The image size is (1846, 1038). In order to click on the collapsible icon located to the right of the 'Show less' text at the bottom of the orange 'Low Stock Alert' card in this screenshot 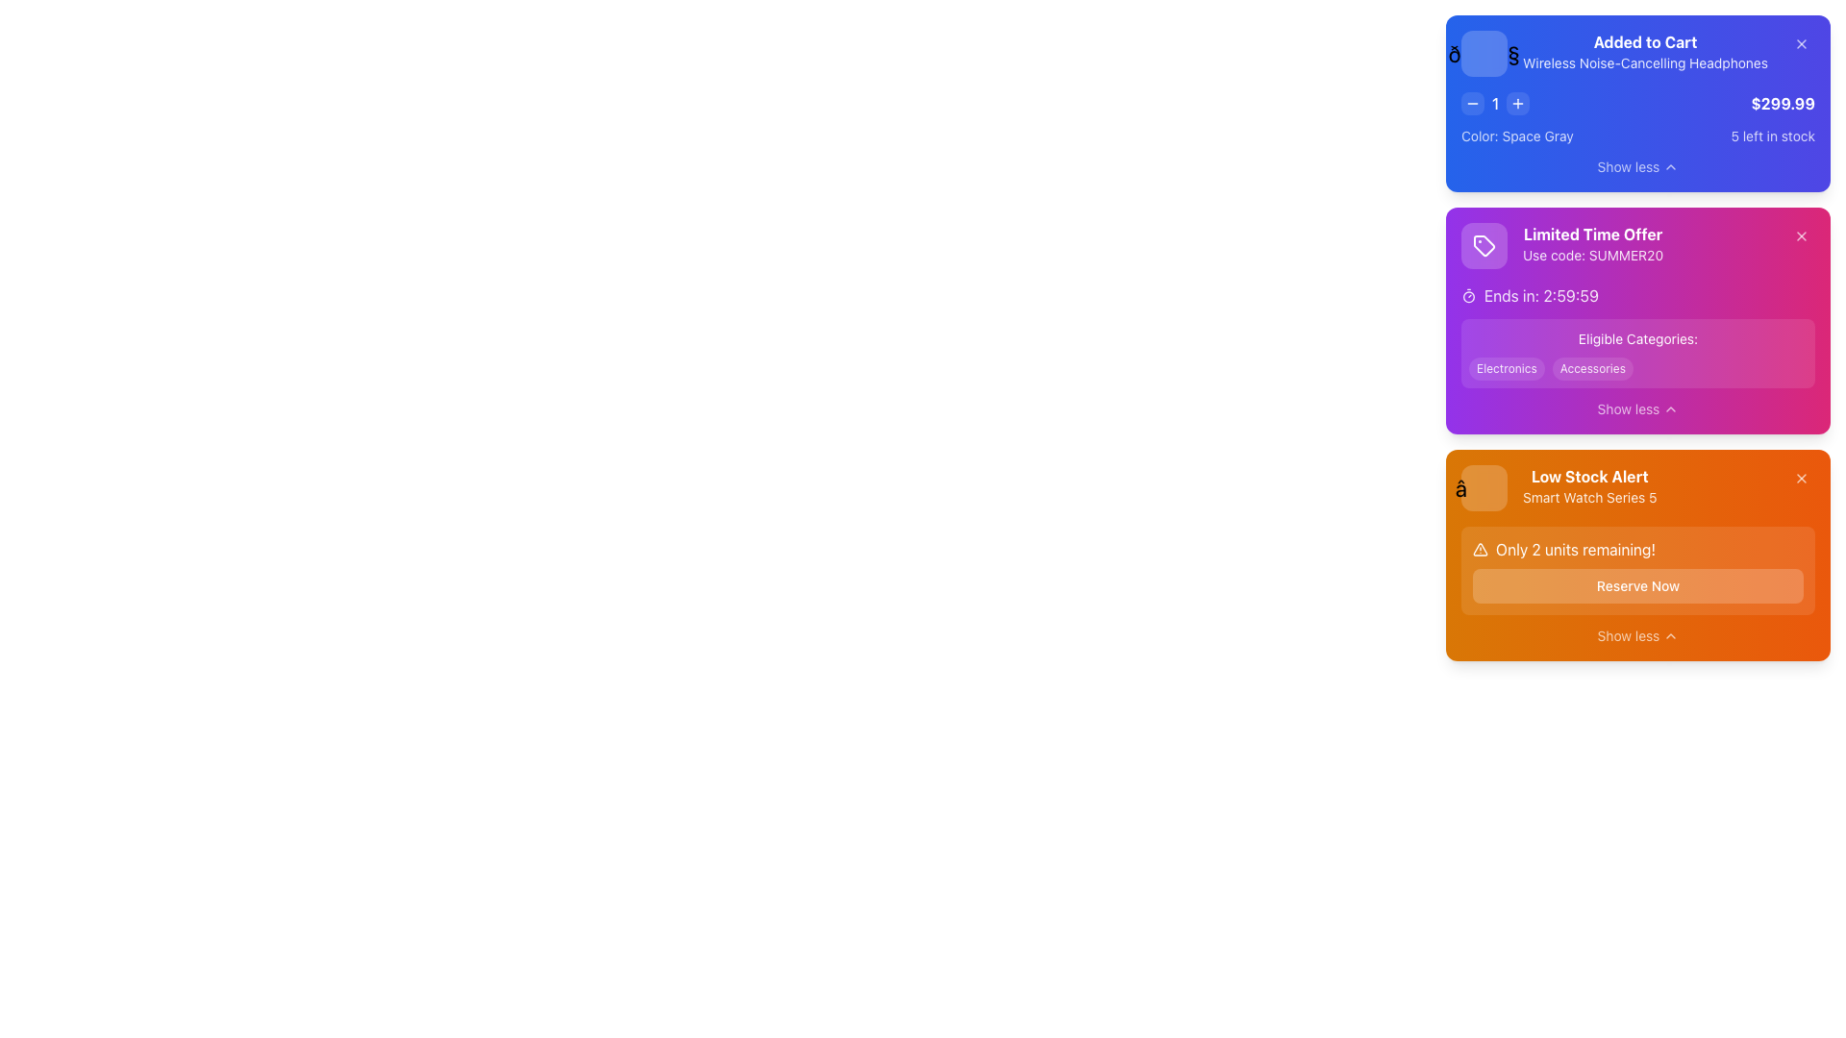, I will do `click(1670, 636)`.